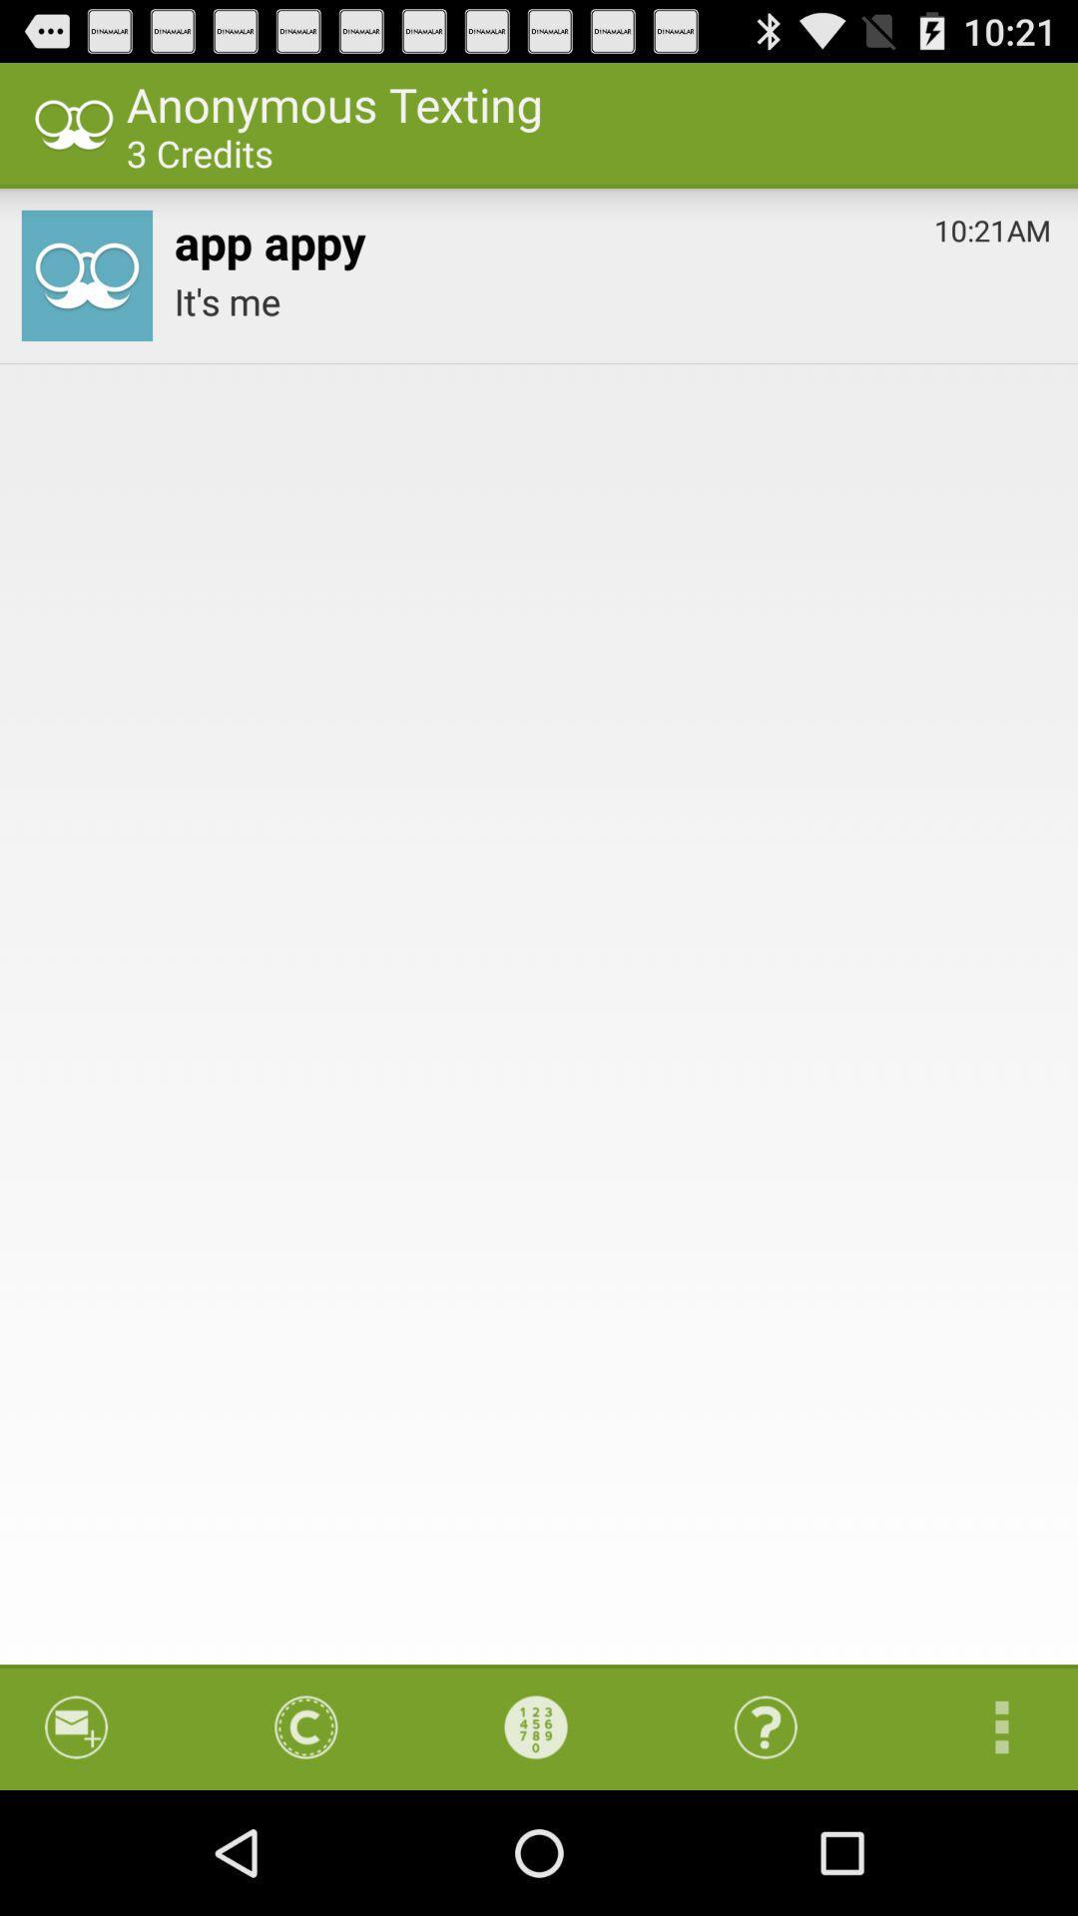 This screenshot has height=1916, width=1078. What do you see at coordinates (611, 300) in the screenshot?
I see `the app at the top` at bounding box center [611, 300].